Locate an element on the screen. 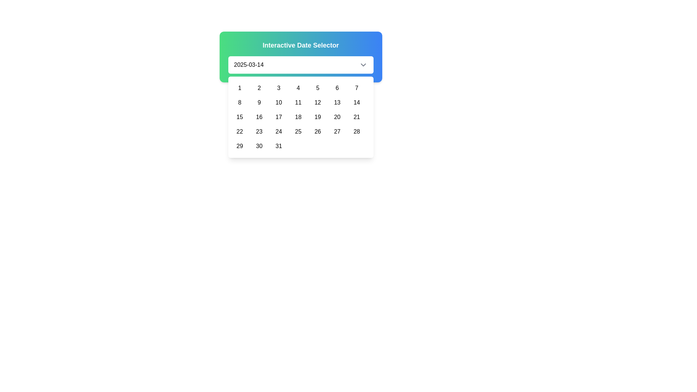 The height and width of the screenshot is (392, 697). the interactive calendar date button representing the date '29' is located at coordinates (240, 146).